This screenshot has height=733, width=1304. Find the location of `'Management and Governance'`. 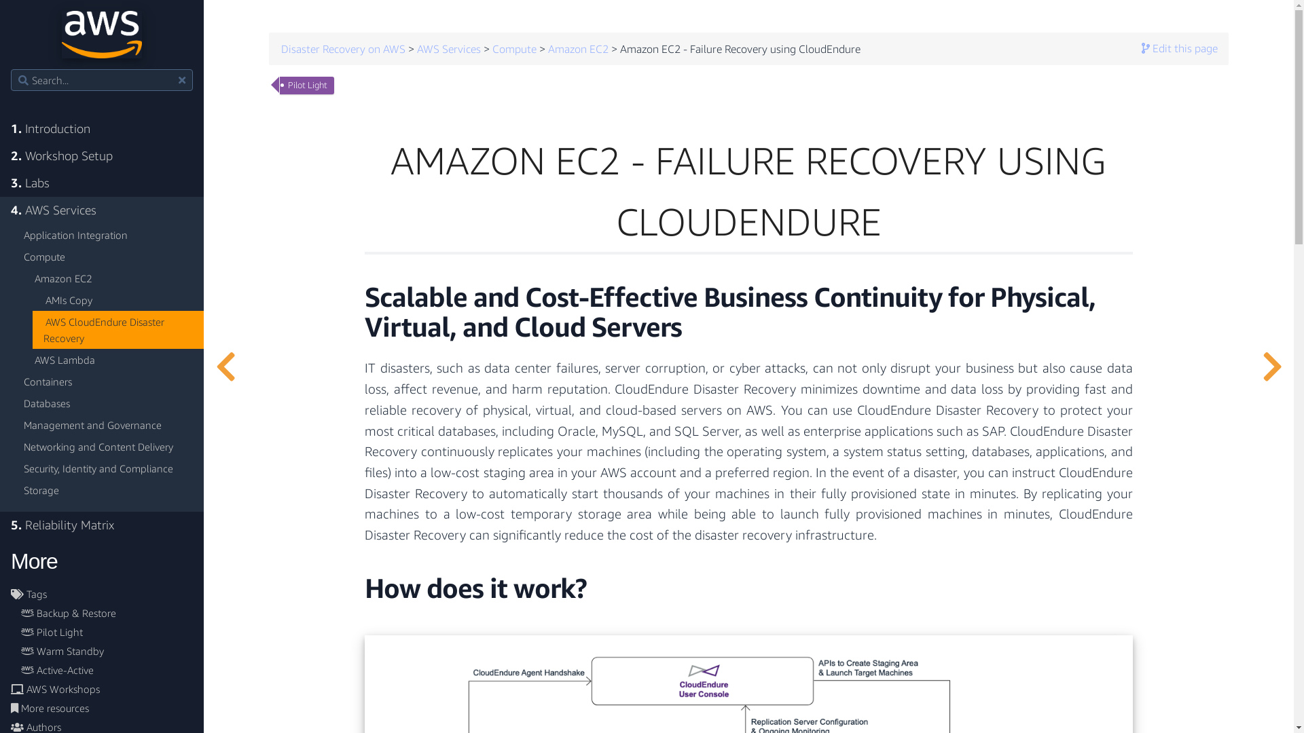

'Management and Governance' is located at coordinates (107, 424).